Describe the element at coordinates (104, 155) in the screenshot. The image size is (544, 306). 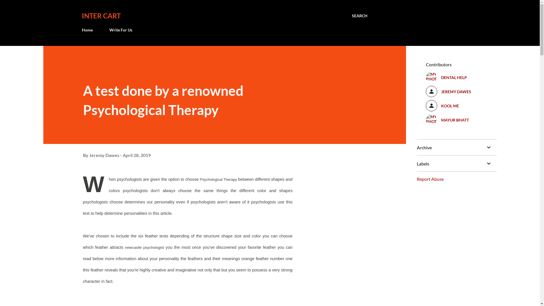
I see `'Jeremy Dawes'` at that location.